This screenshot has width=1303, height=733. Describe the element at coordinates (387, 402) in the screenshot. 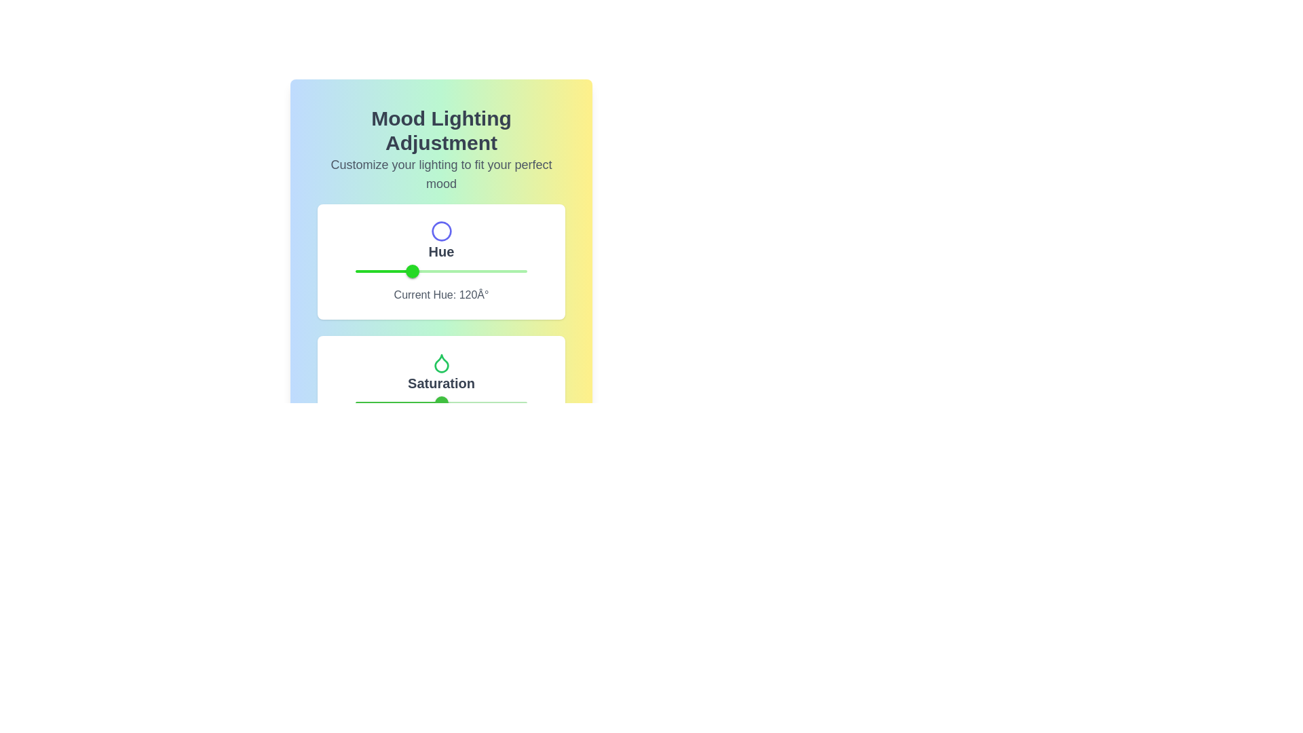

I see `the saturation` at that location.